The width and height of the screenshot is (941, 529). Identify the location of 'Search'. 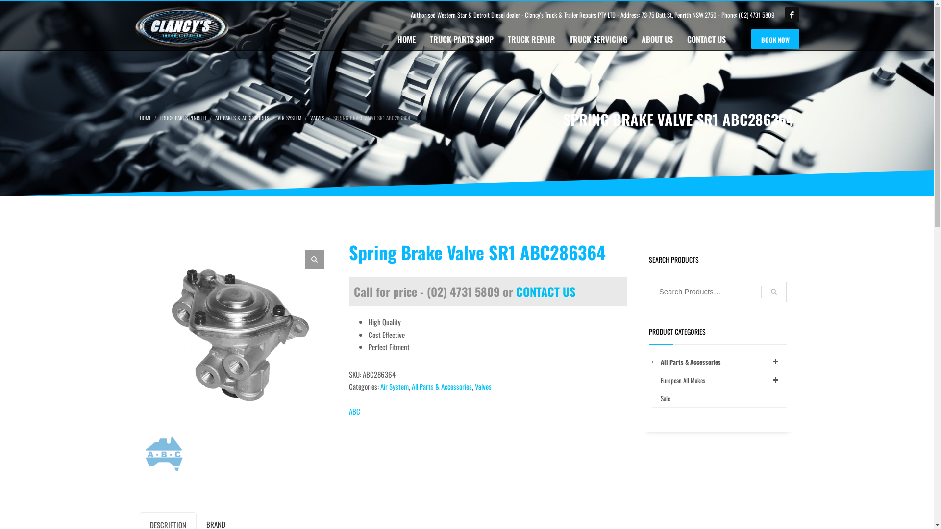
(761, 291).